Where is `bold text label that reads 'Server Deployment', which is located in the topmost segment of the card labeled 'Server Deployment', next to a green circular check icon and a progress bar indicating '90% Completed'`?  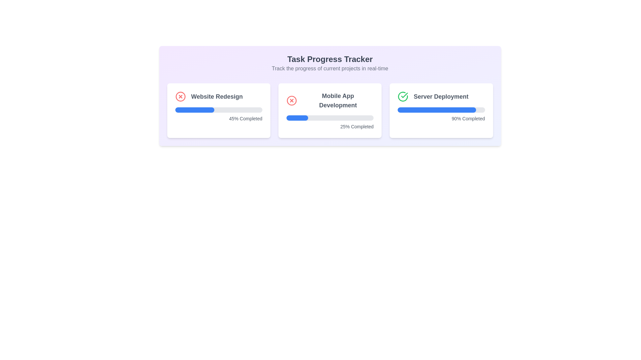
bold text label that reads 'Server Deployment', which is located in the topmost segment of the card labeled 'Server Deployment', next to a green circular check icon and a progress bar indicating '90% Completed' is located at coordinates (441, 96).